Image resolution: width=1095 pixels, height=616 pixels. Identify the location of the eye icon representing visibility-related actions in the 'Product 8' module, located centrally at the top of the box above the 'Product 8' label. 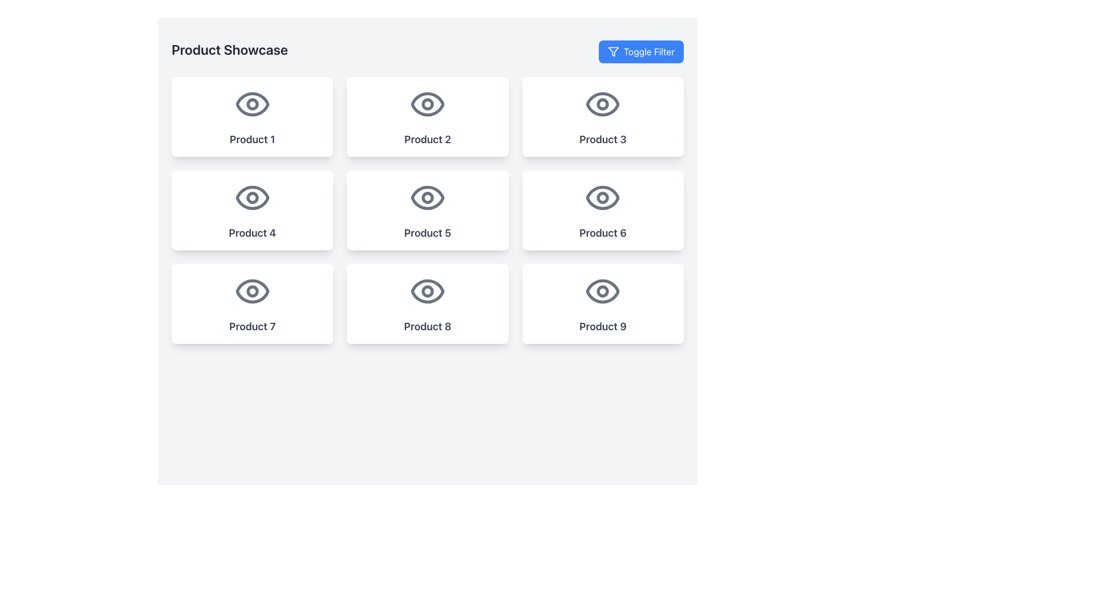
(427, 290).